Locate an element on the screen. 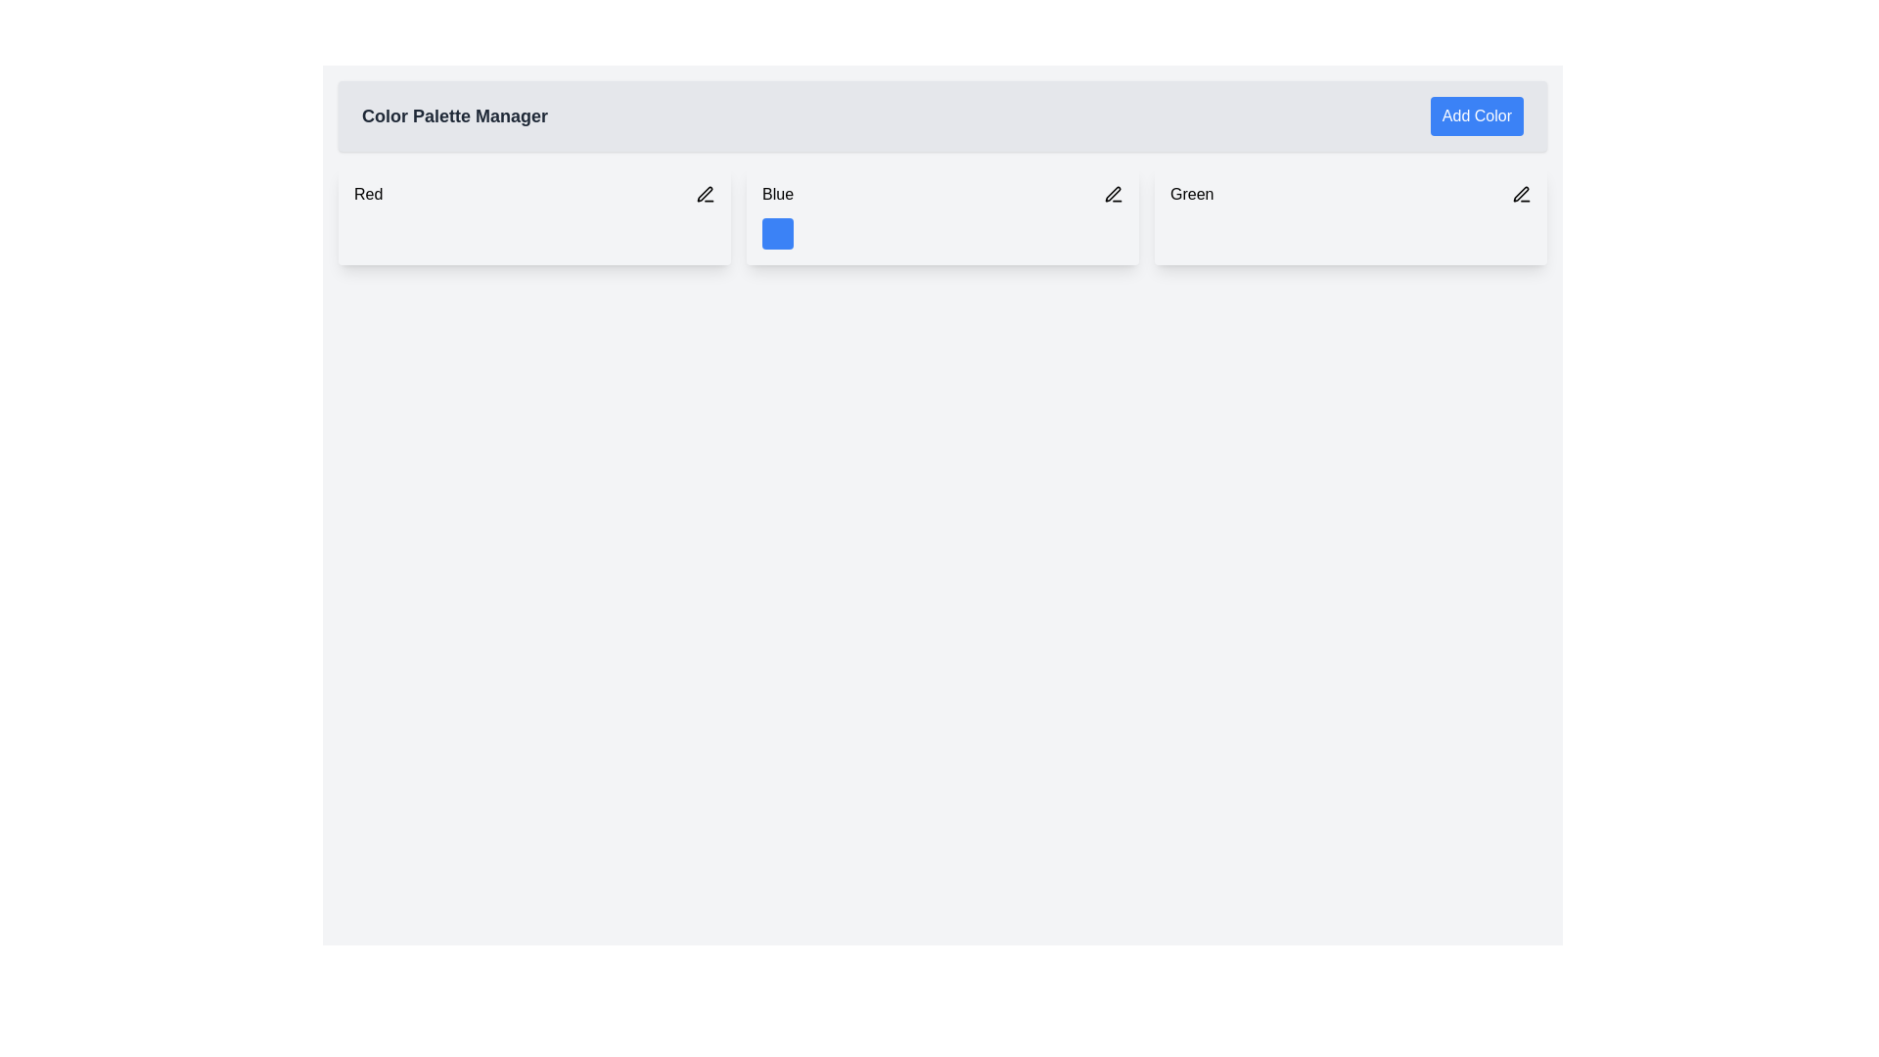  the second color palette icon under the label 'Red' in the UI is located at coordinates (407, 233).